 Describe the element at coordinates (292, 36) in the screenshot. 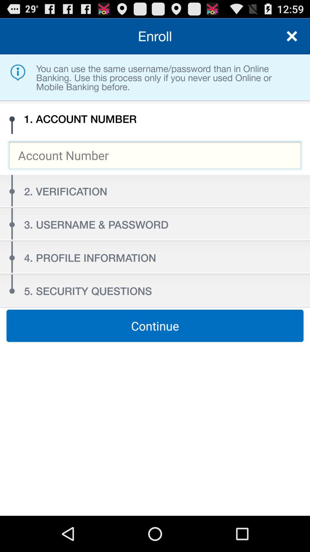

I see `the item next to the enroll` at that location.